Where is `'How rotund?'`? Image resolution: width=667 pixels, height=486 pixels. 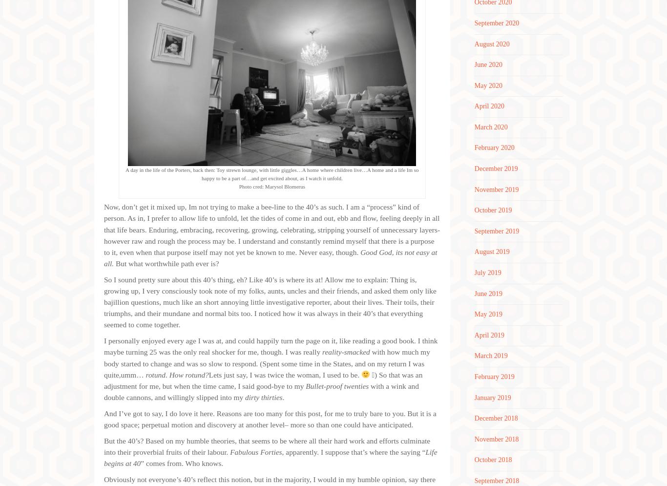
'How rotund?' is located at coordinates (188, 374).